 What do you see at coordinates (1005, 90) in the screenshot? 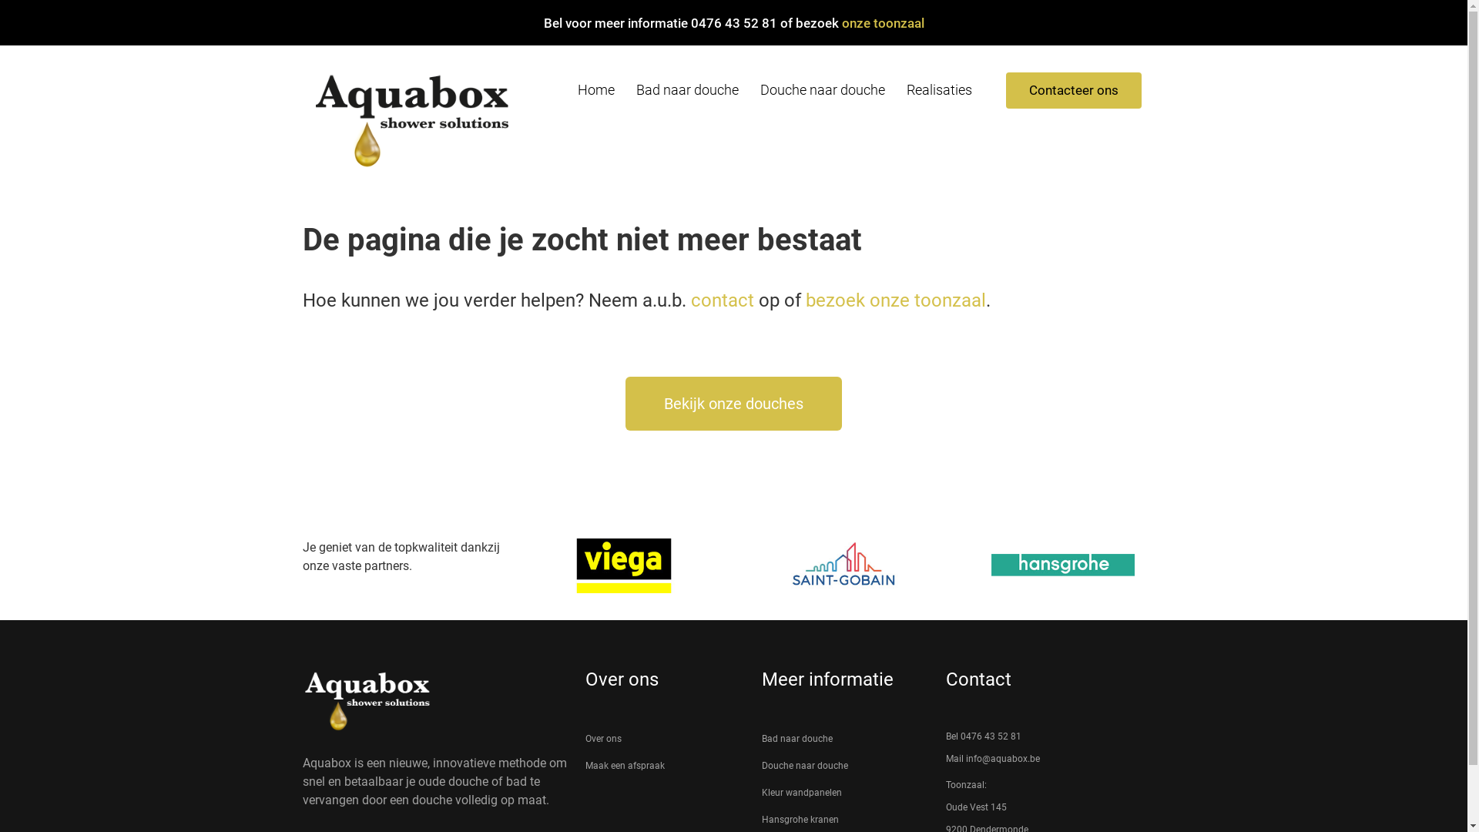
I see `'Contacteer ons'` at bounding box center [1005, 90].